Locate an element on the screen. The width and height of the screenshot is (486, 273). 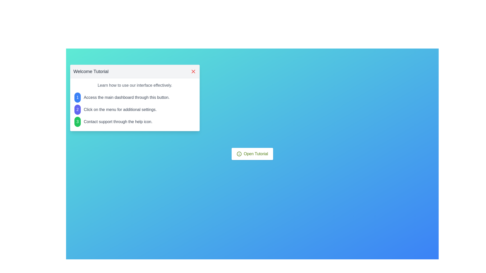
the instructional text block with numbered steps in the 'Welcome Tutorial' card is located at coordinates (135, 109).